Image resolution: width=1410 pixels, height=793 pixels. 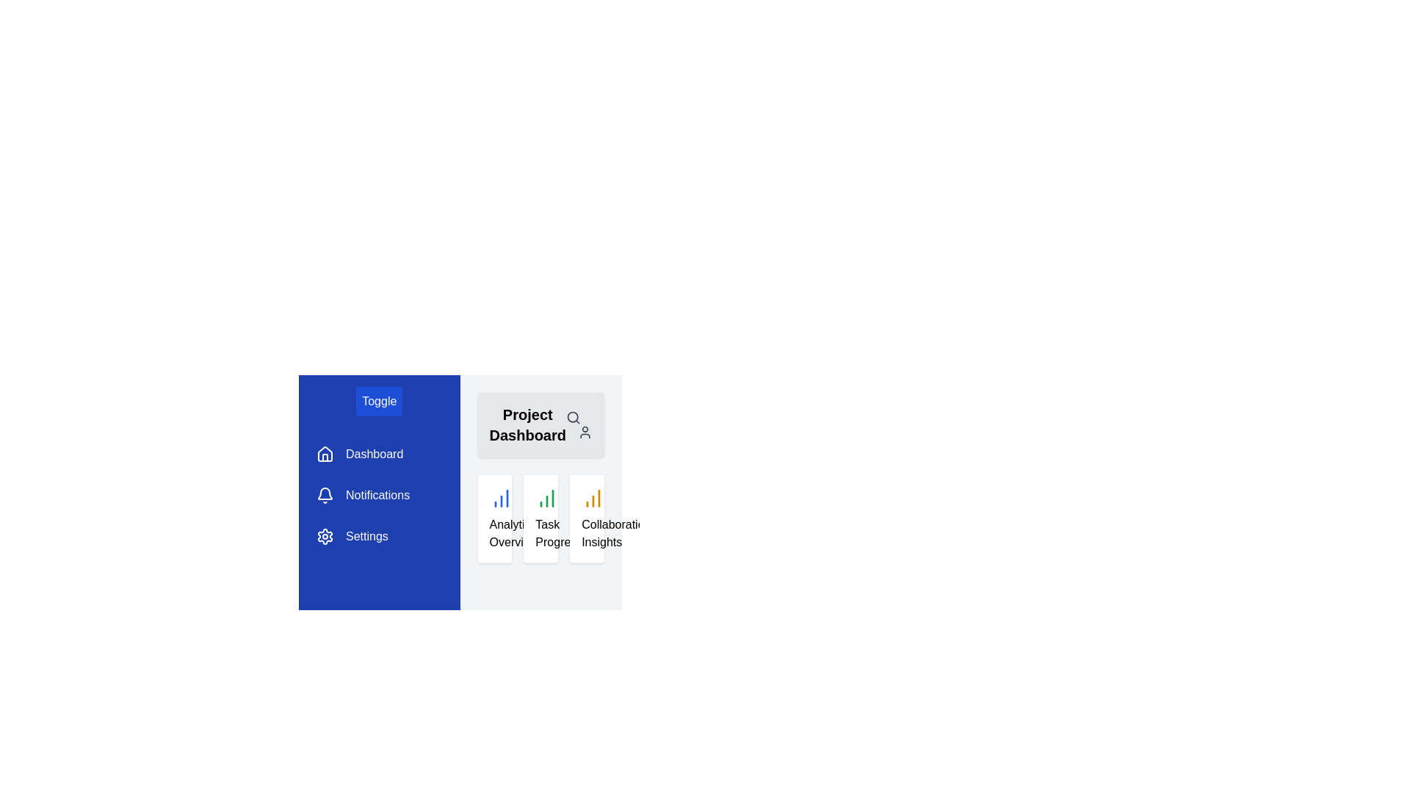 What do you see at coordinates (540, 518) in the screenshot?
I see `the second Information Card displaying 'Task Progress' in bold black text, located under the 'Project Dashboard' section` at bounding box center [540, 518].